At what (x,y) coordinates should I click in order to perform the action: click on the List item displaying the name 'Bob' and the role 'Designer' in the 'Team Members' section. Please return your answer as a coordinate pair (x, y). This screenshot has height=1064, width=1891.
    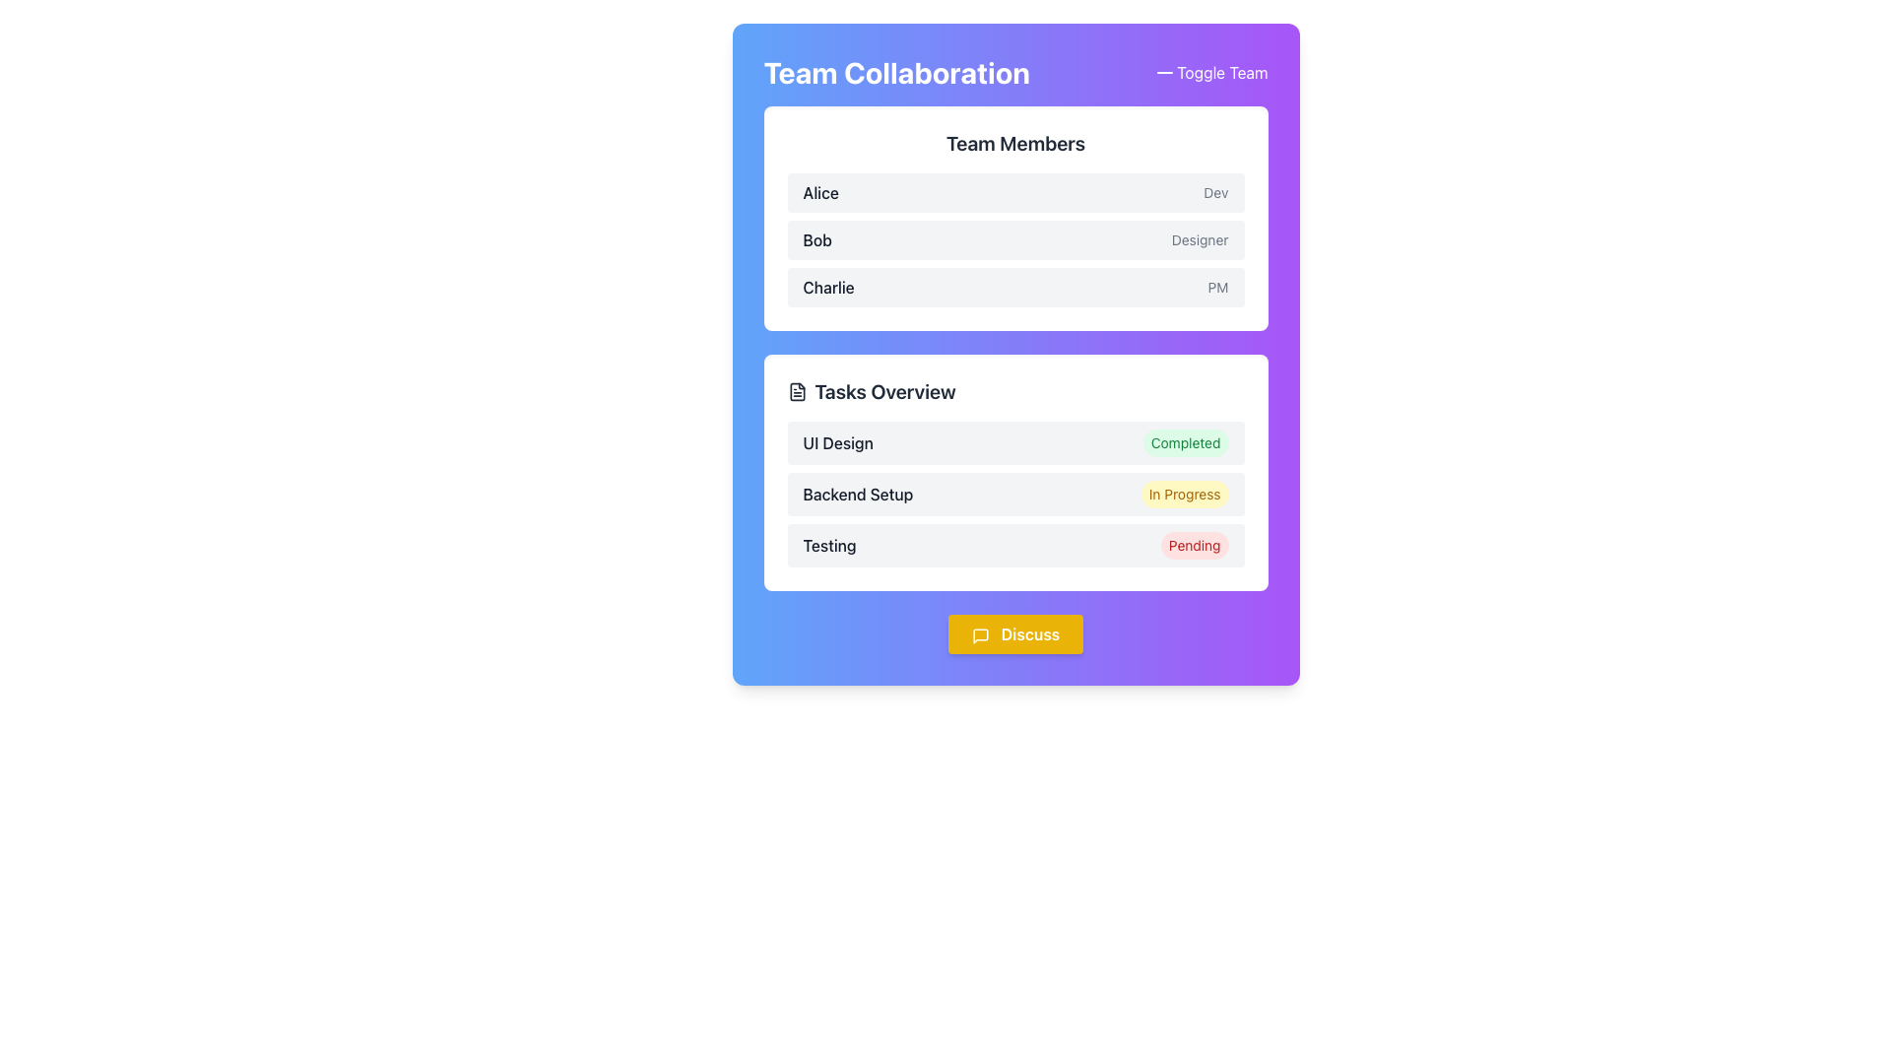
    Looking at the image, I should click on (1015, 238).